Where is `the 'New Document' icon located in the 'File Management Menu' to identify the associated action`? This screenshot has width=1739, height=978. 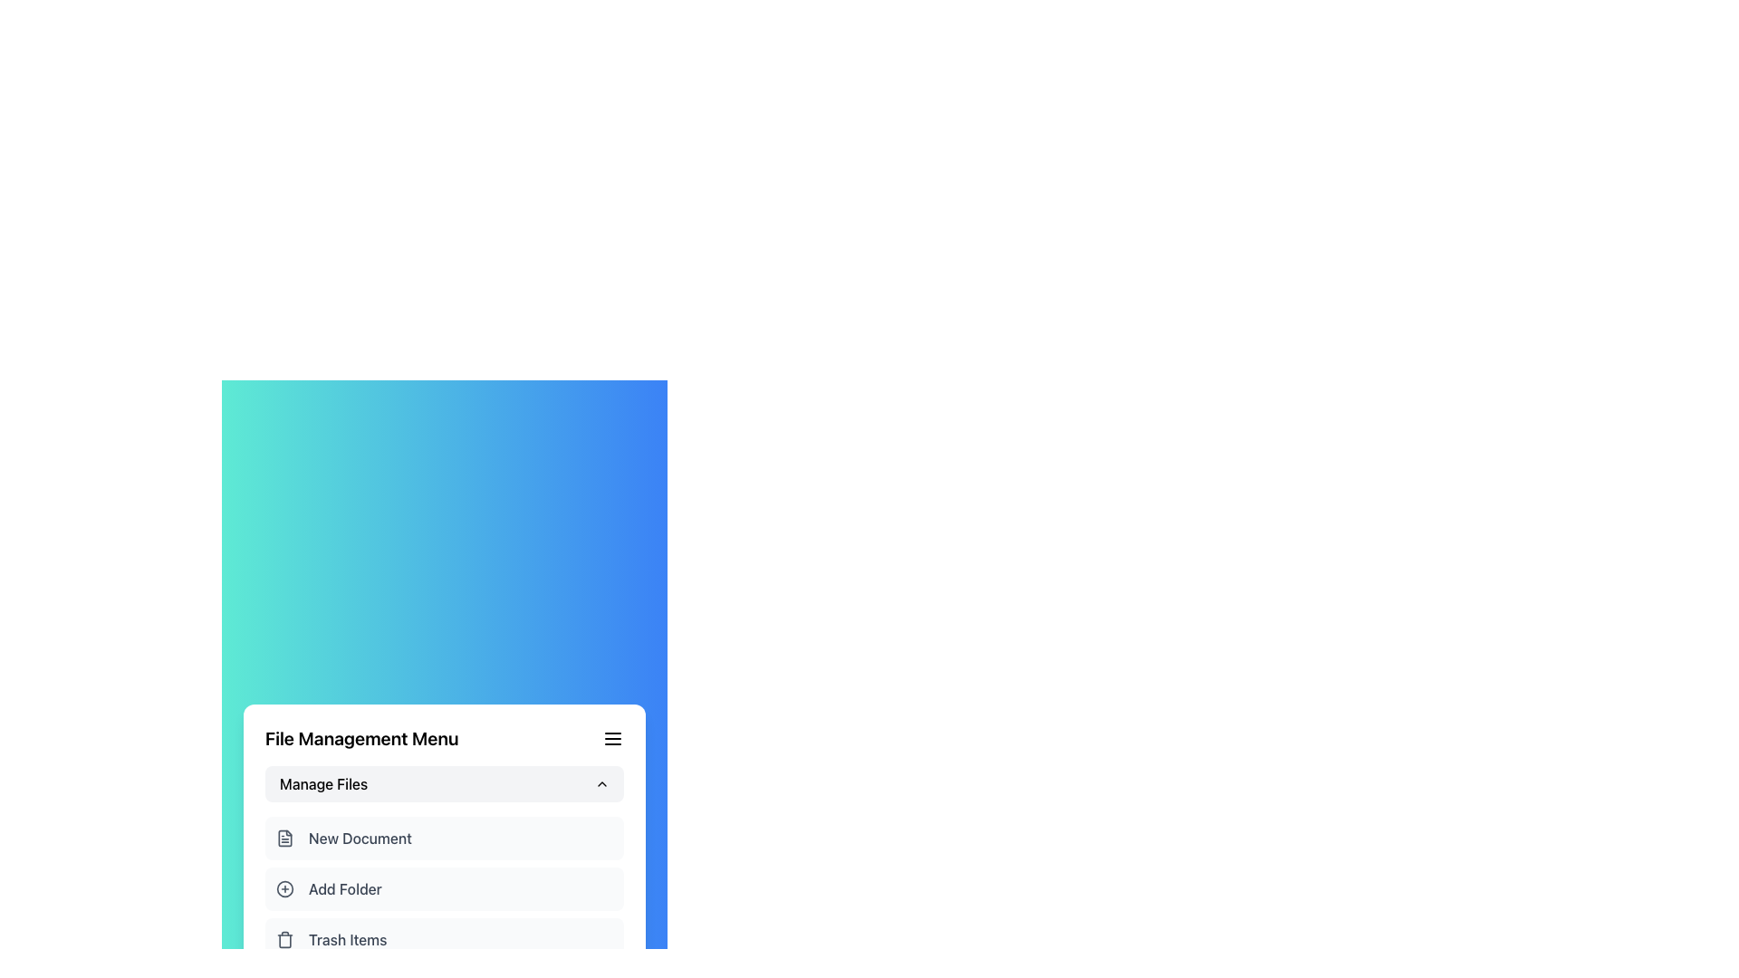
the 'New Document' icon located in the 'File Management Menu' to identify the associated action is located at coordinates (284, 838).